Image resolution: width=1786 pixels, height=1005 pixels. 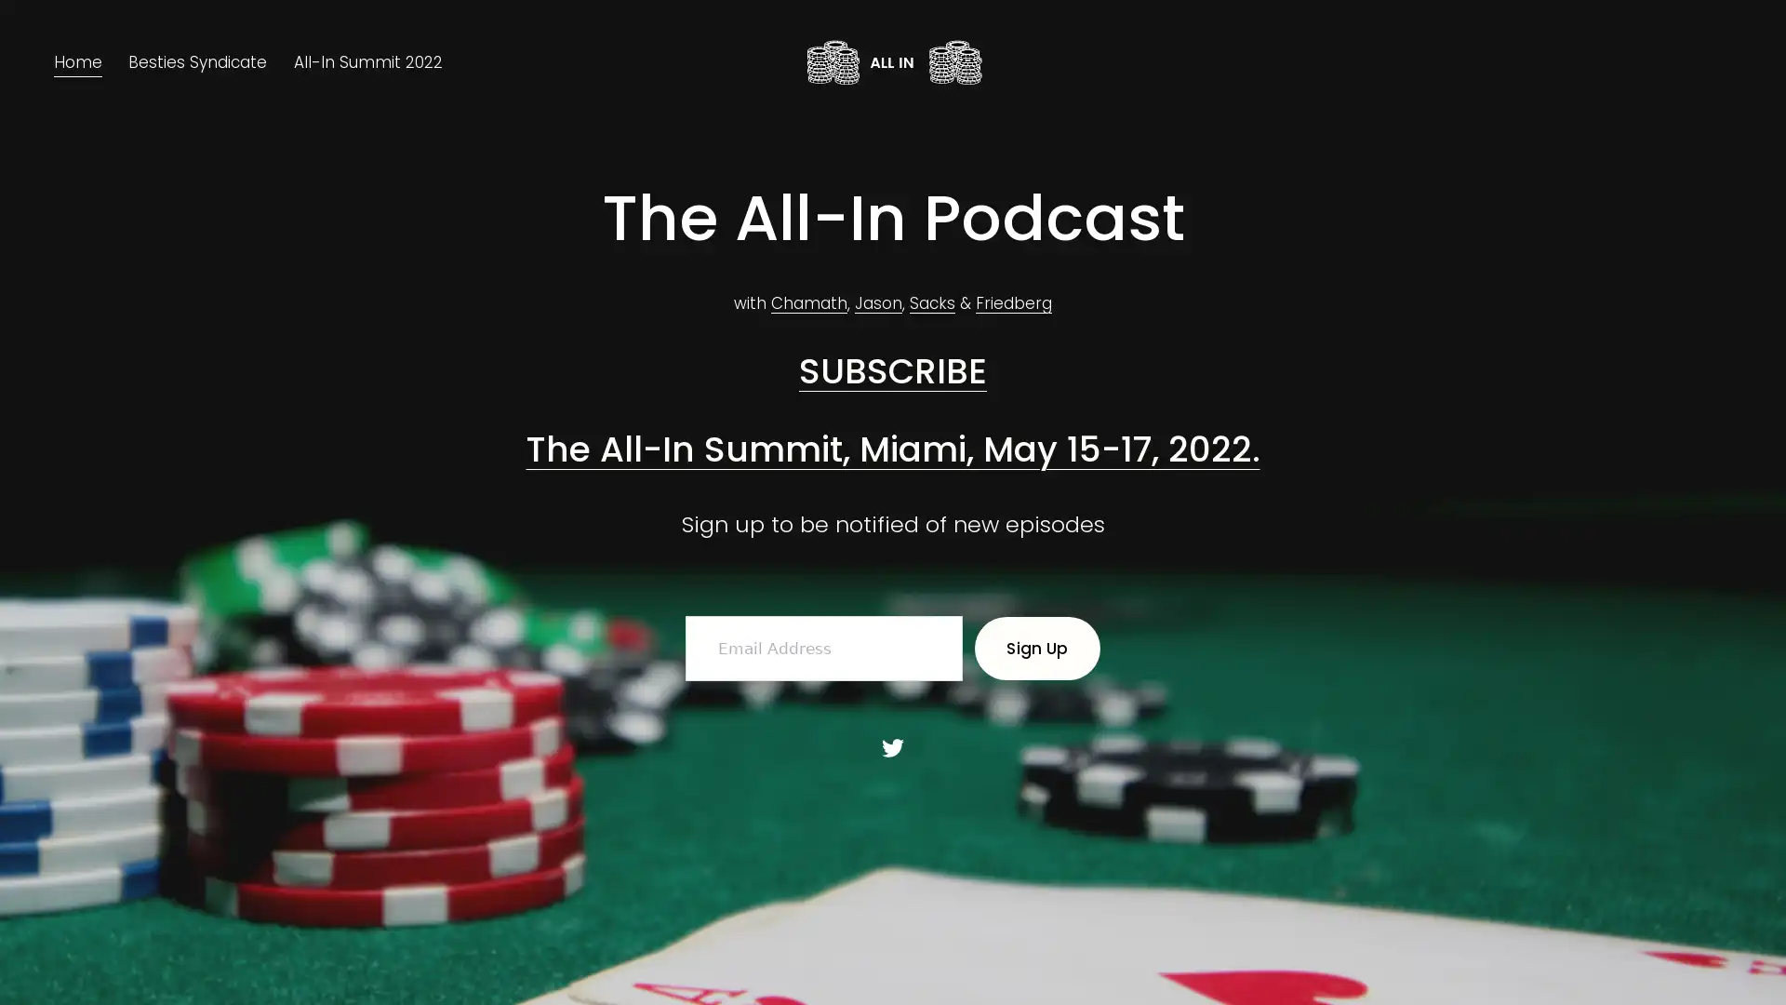 I want to click on Sign Up, so click(x=1035, y=648).